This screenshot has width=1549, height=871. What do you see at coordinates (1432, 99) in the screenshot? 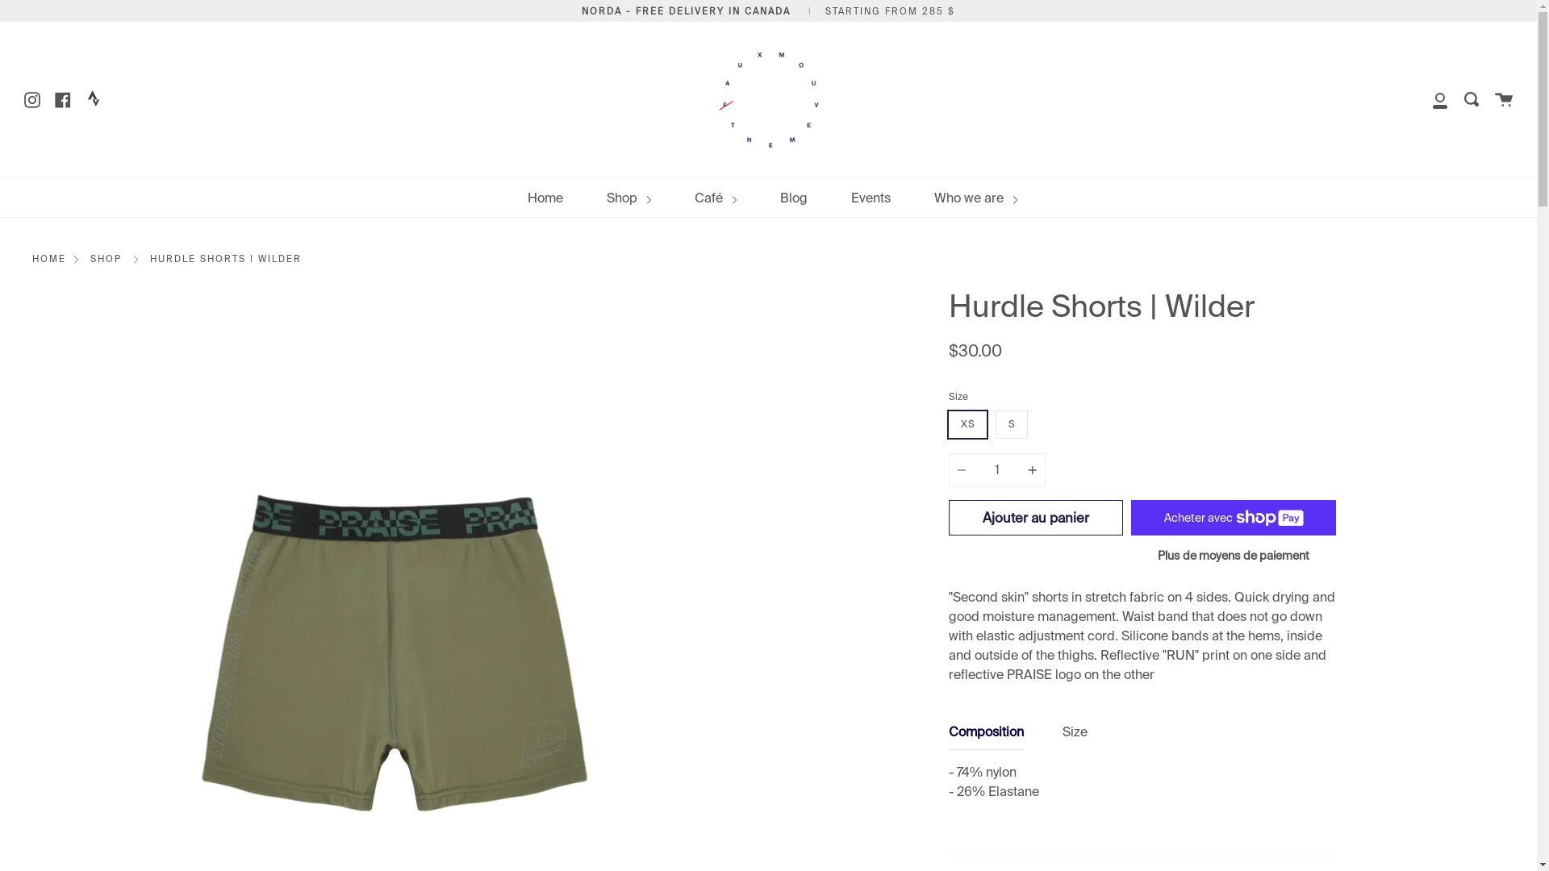
I see `'Account'` at bounding box center [1432, 99].